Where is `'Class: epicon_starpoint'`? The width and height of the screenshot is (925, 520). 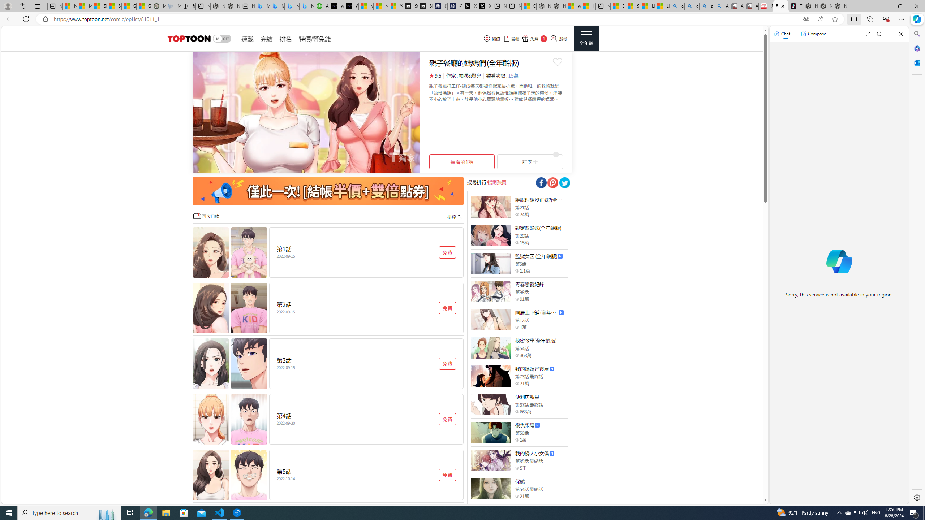 'Class: epicon_starpoint' is located at coordinates (517, 496).